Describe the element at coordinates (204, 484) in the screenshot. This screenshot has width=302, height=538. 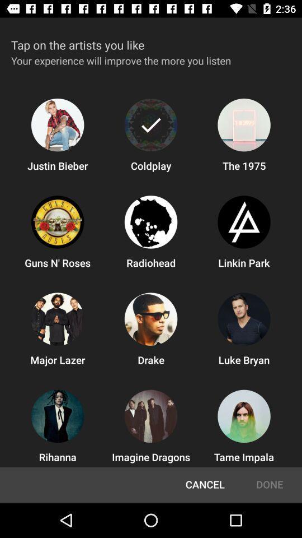
I see `the item to the right of rihanna` at that location.